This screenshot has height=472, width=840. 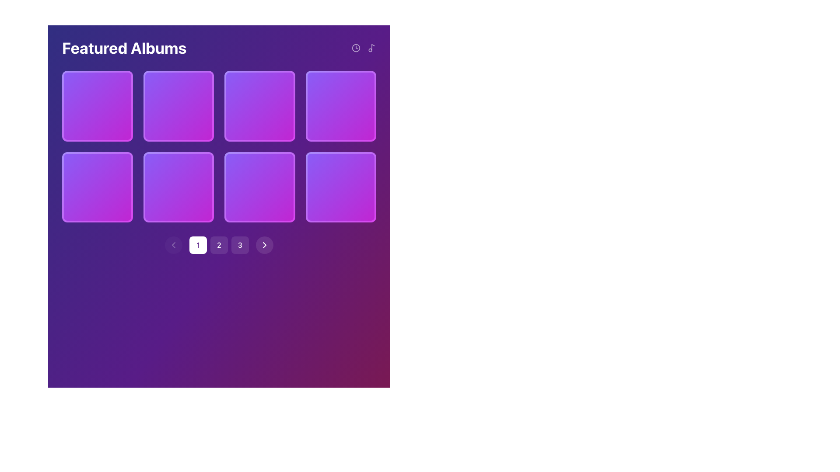 What do you see at coordinates (97, 187) in the screenshot?
I see `on the interactive album tile card located in the second row, first column of the 'Featured Albums' collection` at bounding box center [97, 187].